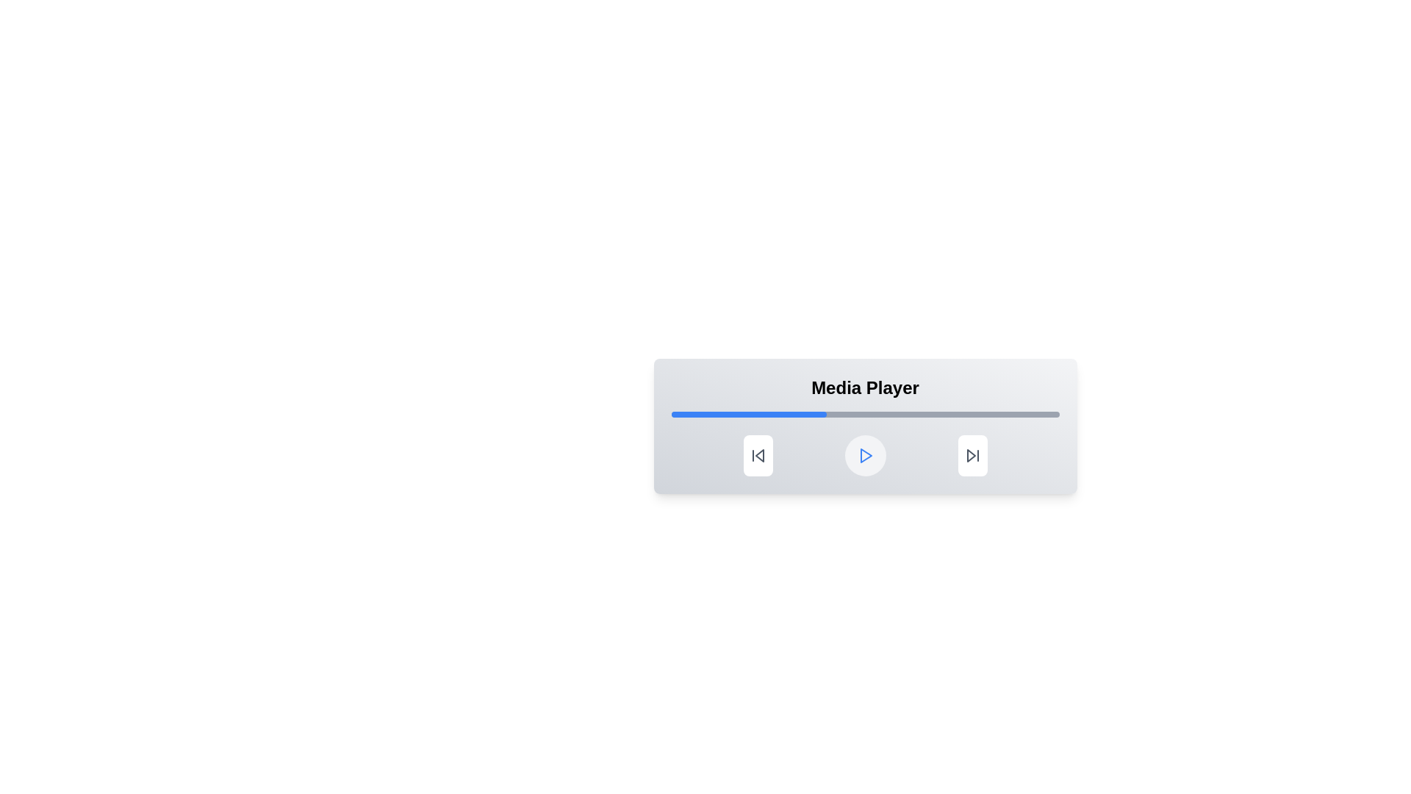 Image resolution: width=1411 pixels, height=794 pixels. I want to click on the Play Icon button, so click(865, 455).